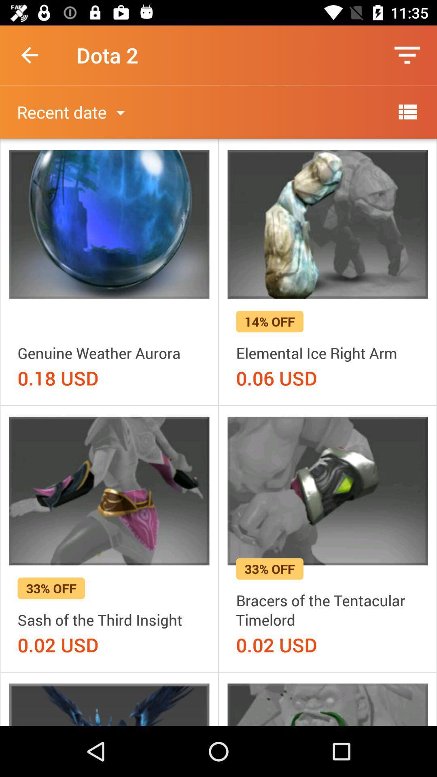 The height and width of the screenshot is (777, 437). What do you see at coordinates (29, 55) in the screenshot?
I see `the icon next to dota 2 icon` at bounding box center [29, 55].